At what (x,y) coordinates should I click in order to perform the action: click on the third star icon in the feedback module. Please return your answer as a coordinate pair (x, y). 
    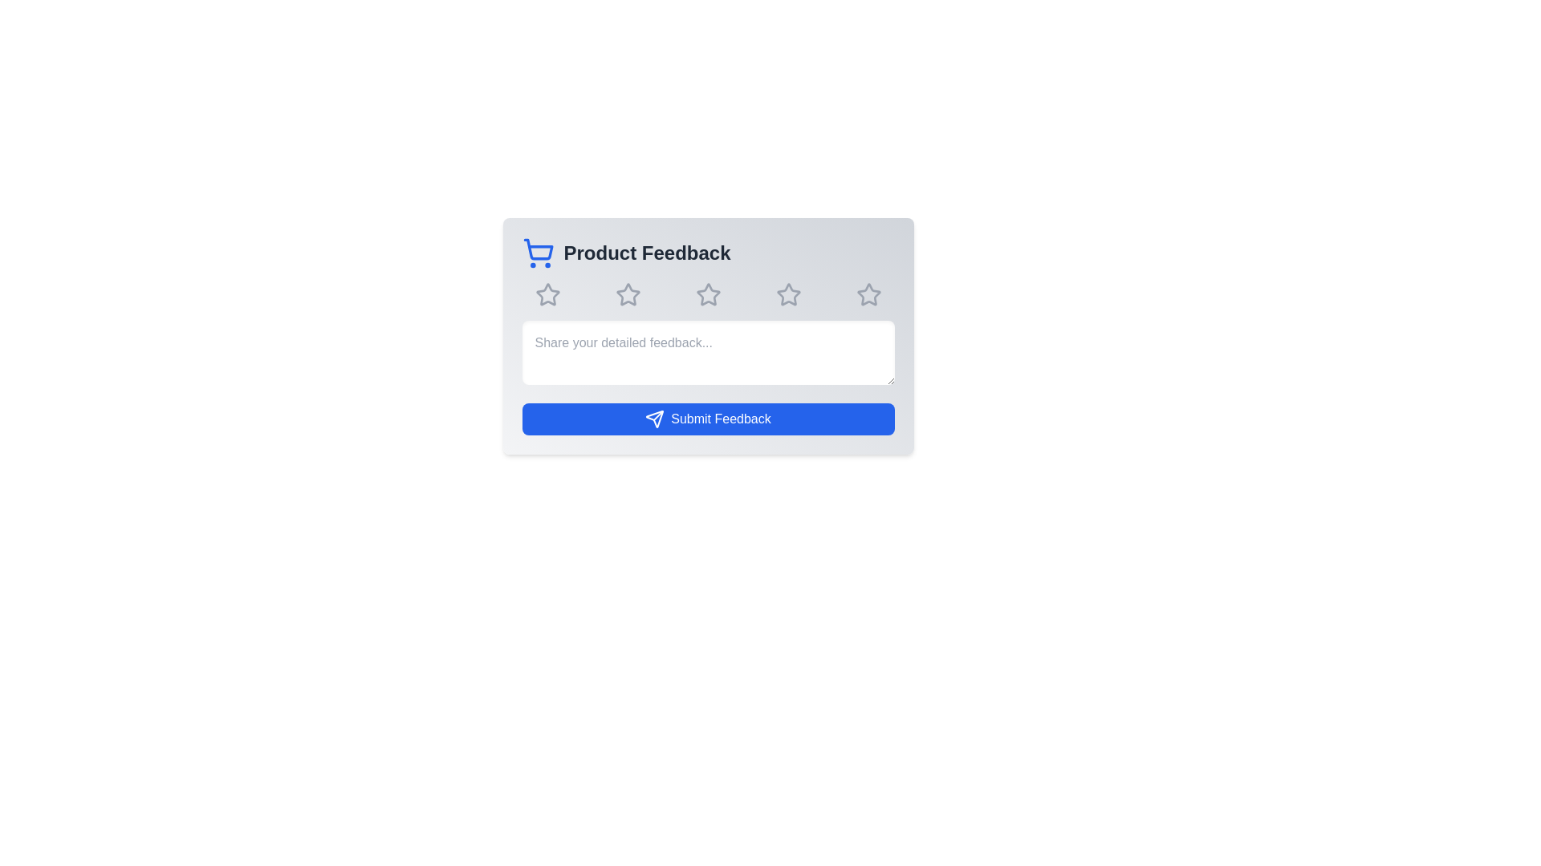
    Looking at the image, I should click on (627, 294).